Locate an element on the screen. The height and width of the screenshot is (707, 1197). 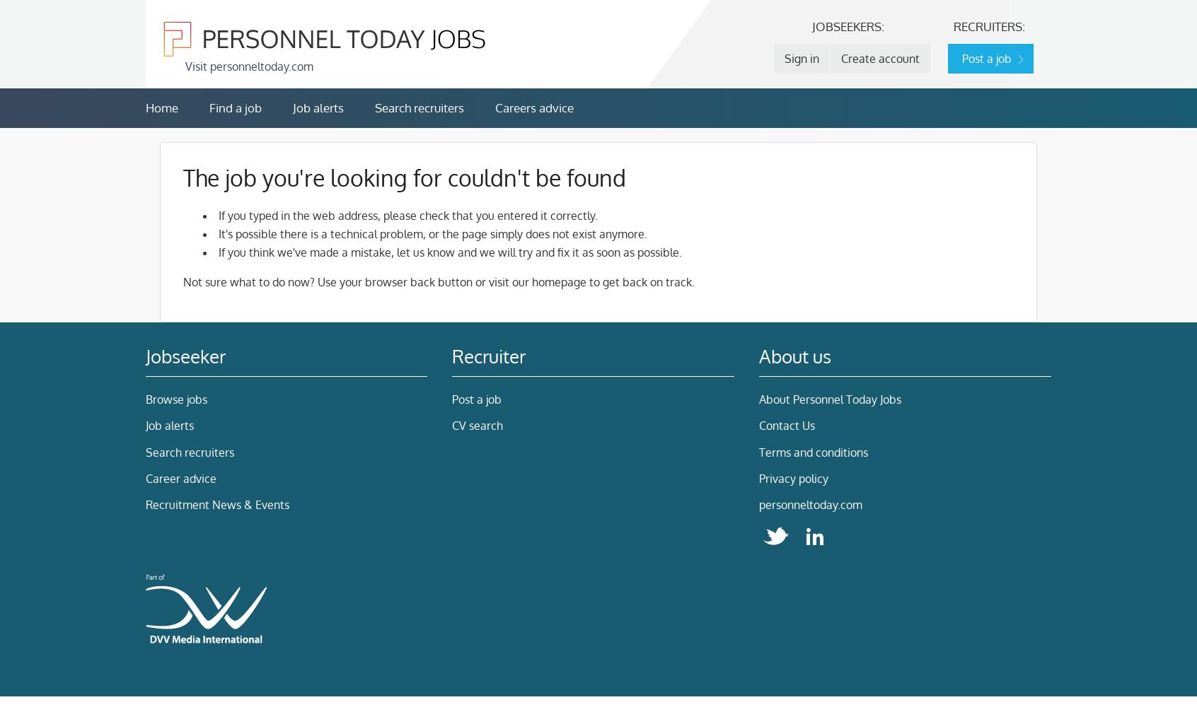
'Home' is located at coordinates (144, 107).